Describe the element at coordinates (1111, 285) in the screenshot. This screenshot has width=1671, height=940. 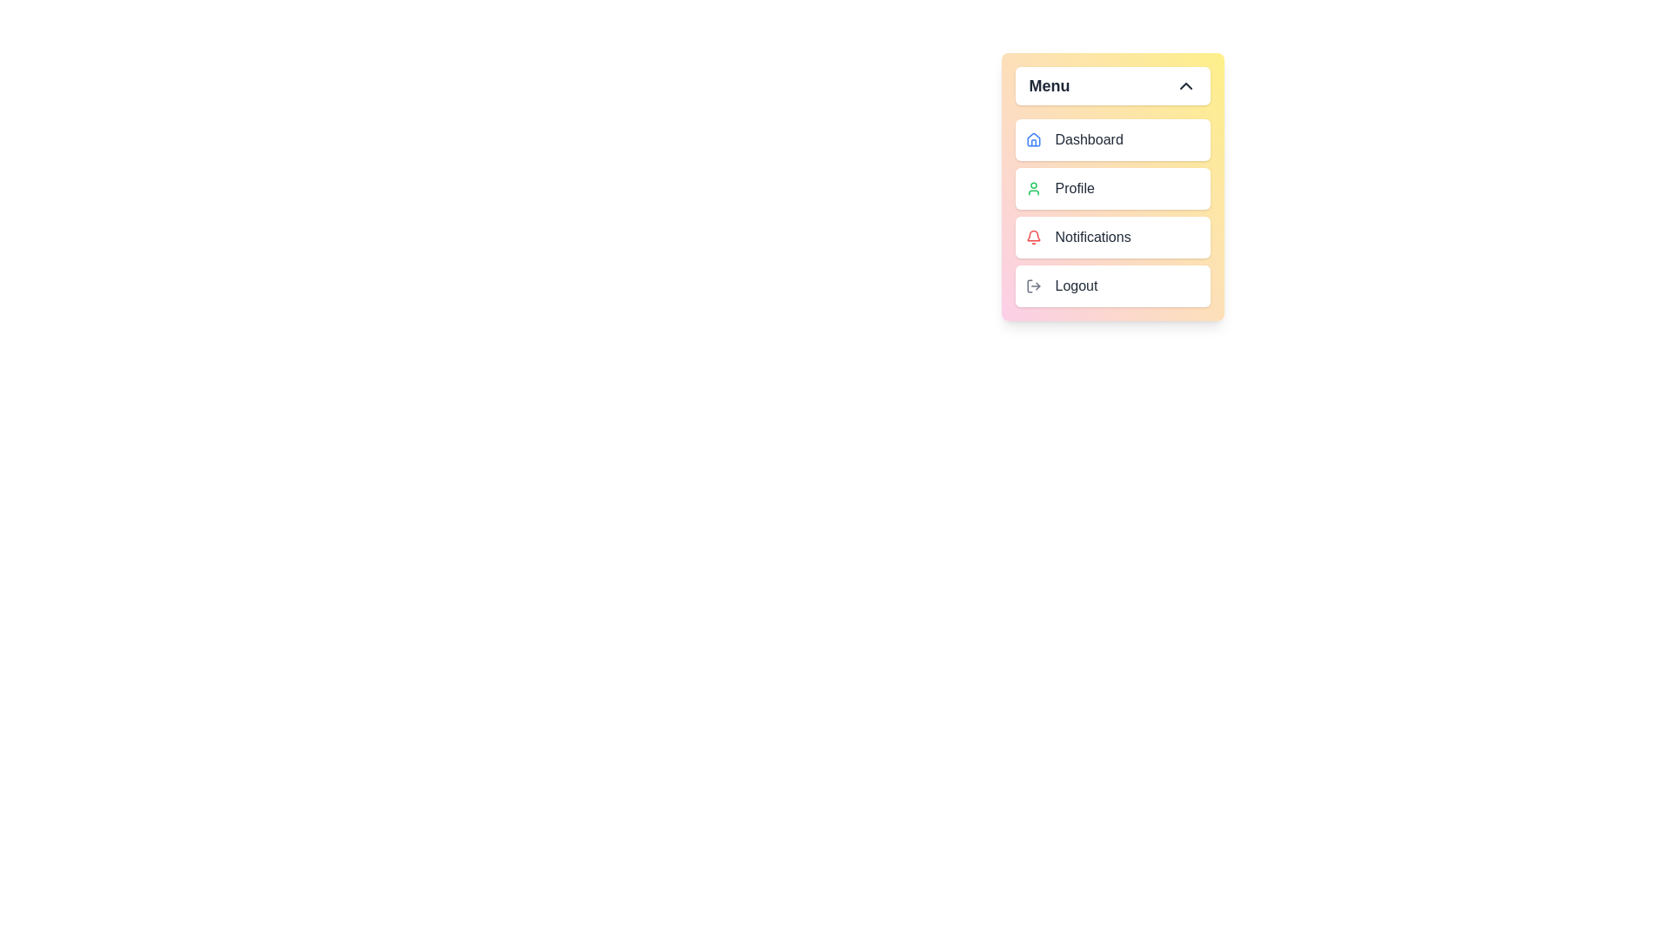
I see `the menu item Logout to preview its action` at that location.